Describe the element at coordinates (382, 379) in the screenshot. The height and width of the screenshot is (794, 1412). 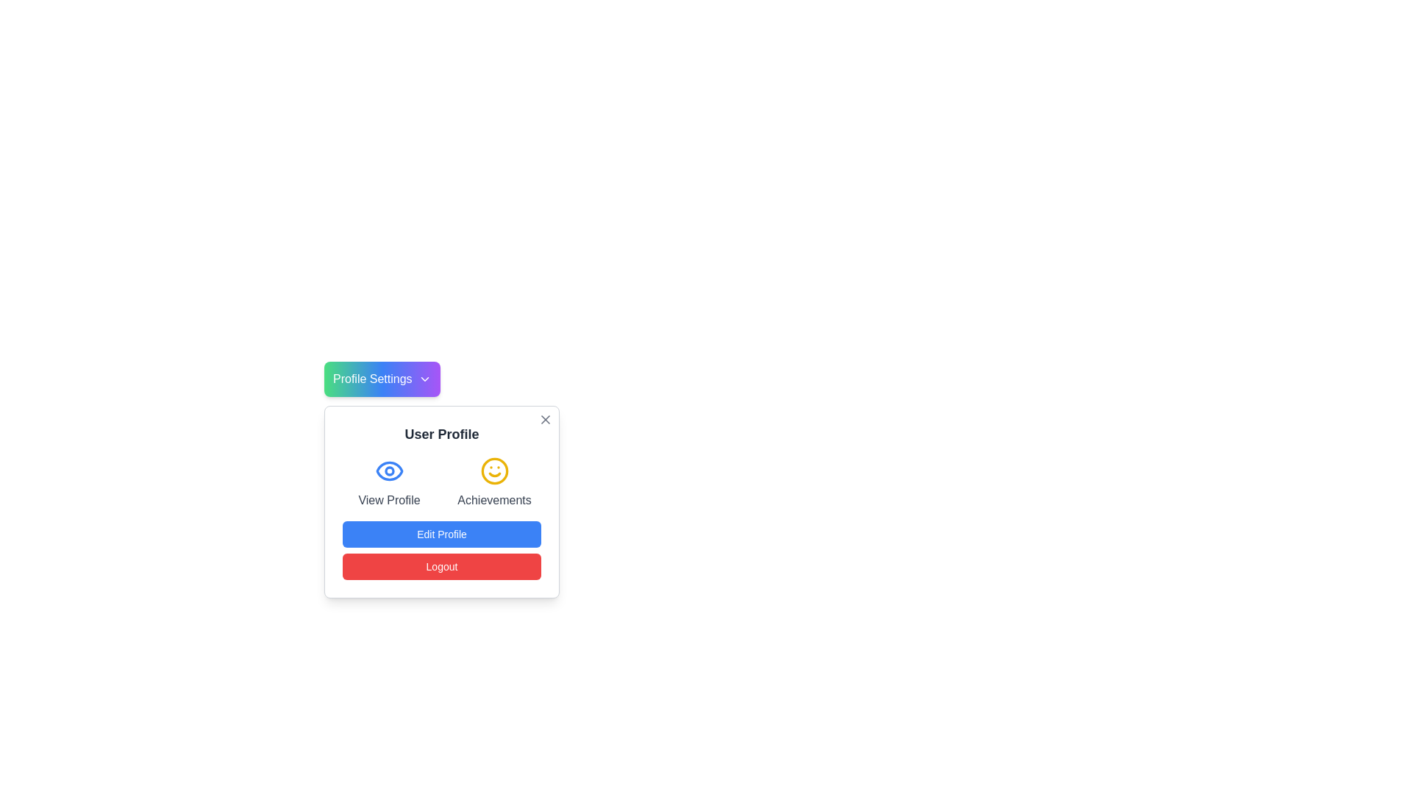
I see `the 'Profile Settings' button with a gradient background transitioning from green to purple` at that location.